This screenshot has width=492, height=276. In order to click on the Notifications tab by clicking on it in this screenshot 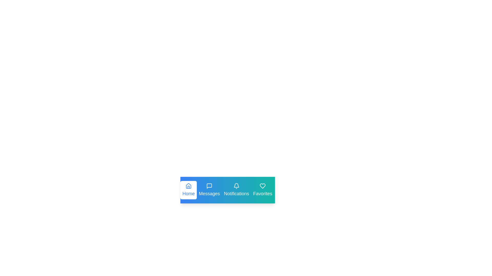, I will do `click(236, 190)`.